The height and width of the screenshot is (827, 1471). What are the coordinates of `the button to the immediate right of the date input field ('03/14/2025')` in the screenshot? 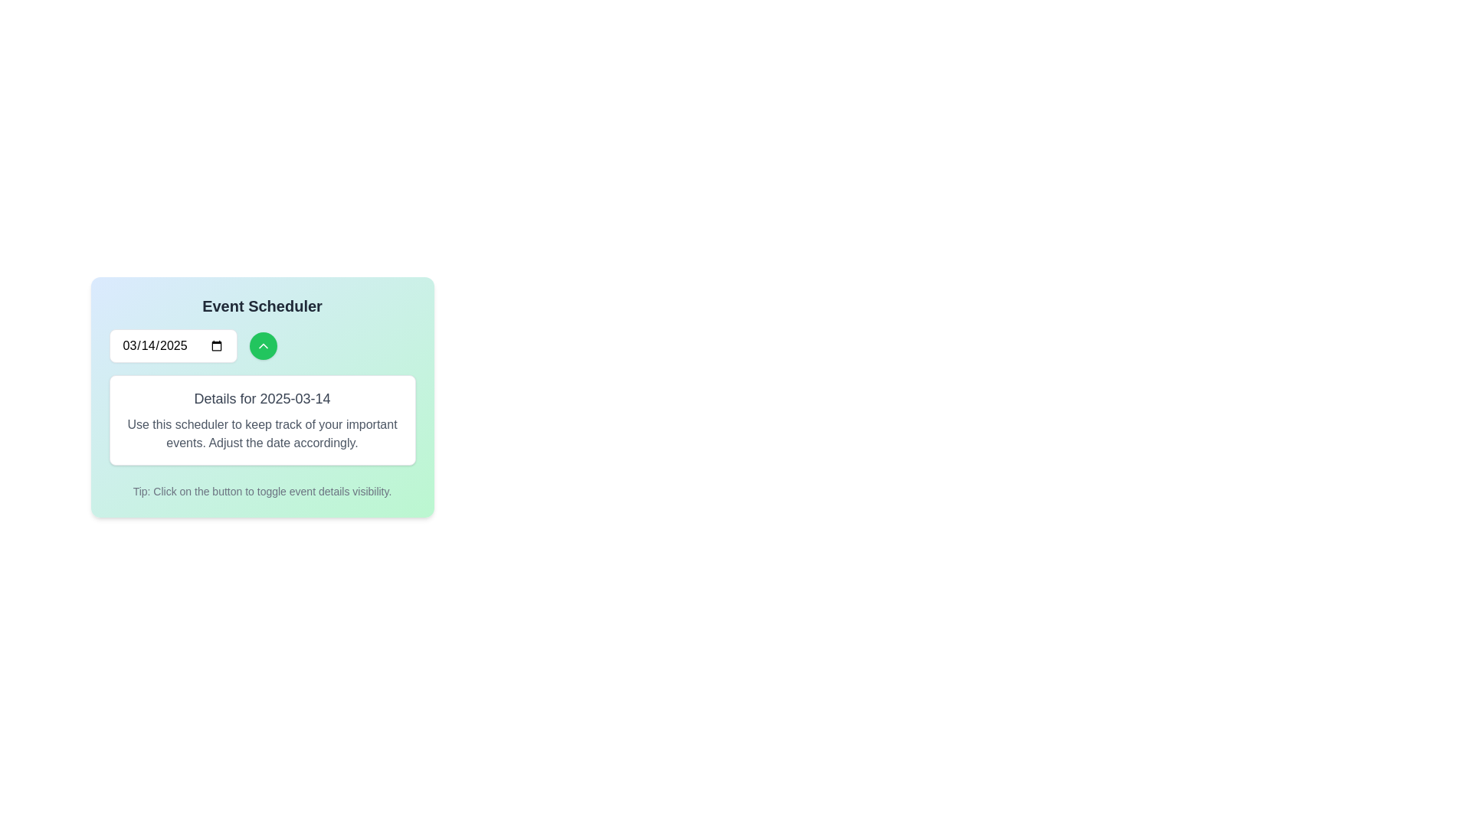 It's located at (263, 345).